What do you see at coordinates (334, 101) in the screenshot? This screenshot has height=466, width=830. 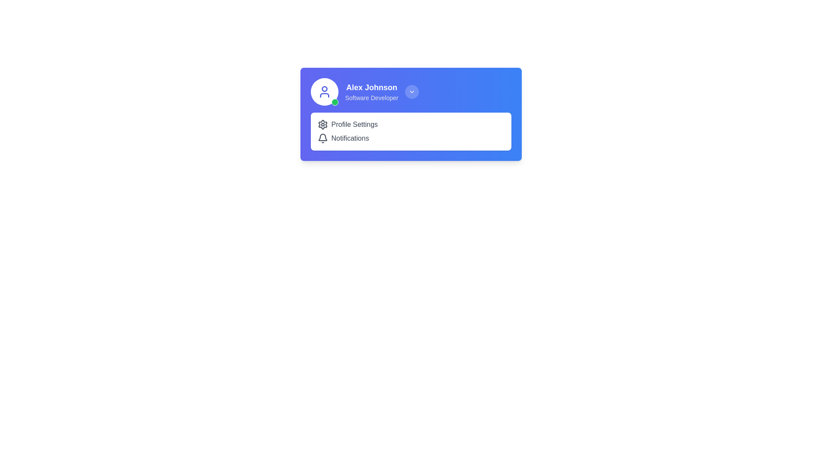 I see `the status indicator located at the bottom-right corner of the circular profile icon associated with the profile of 'Alex Johnson'` at bounding box center [334, 101].